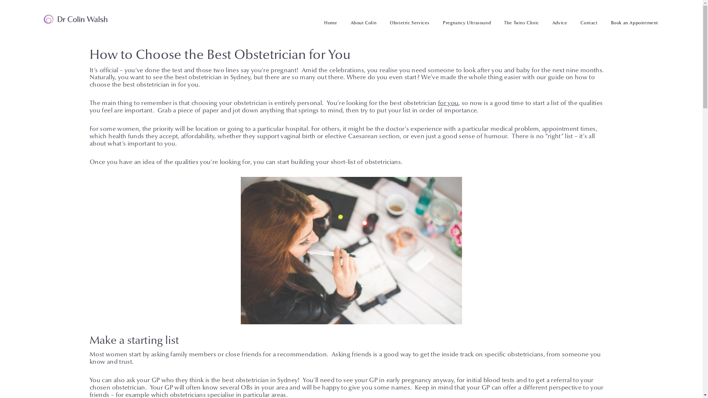  I want to click on 'Advice', so click(560, 22).